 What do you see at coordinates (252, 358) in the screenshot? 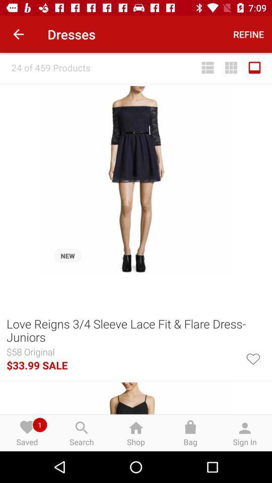
I see `the icon below the love reigns 3 icon` at bounding box center [252, 358].